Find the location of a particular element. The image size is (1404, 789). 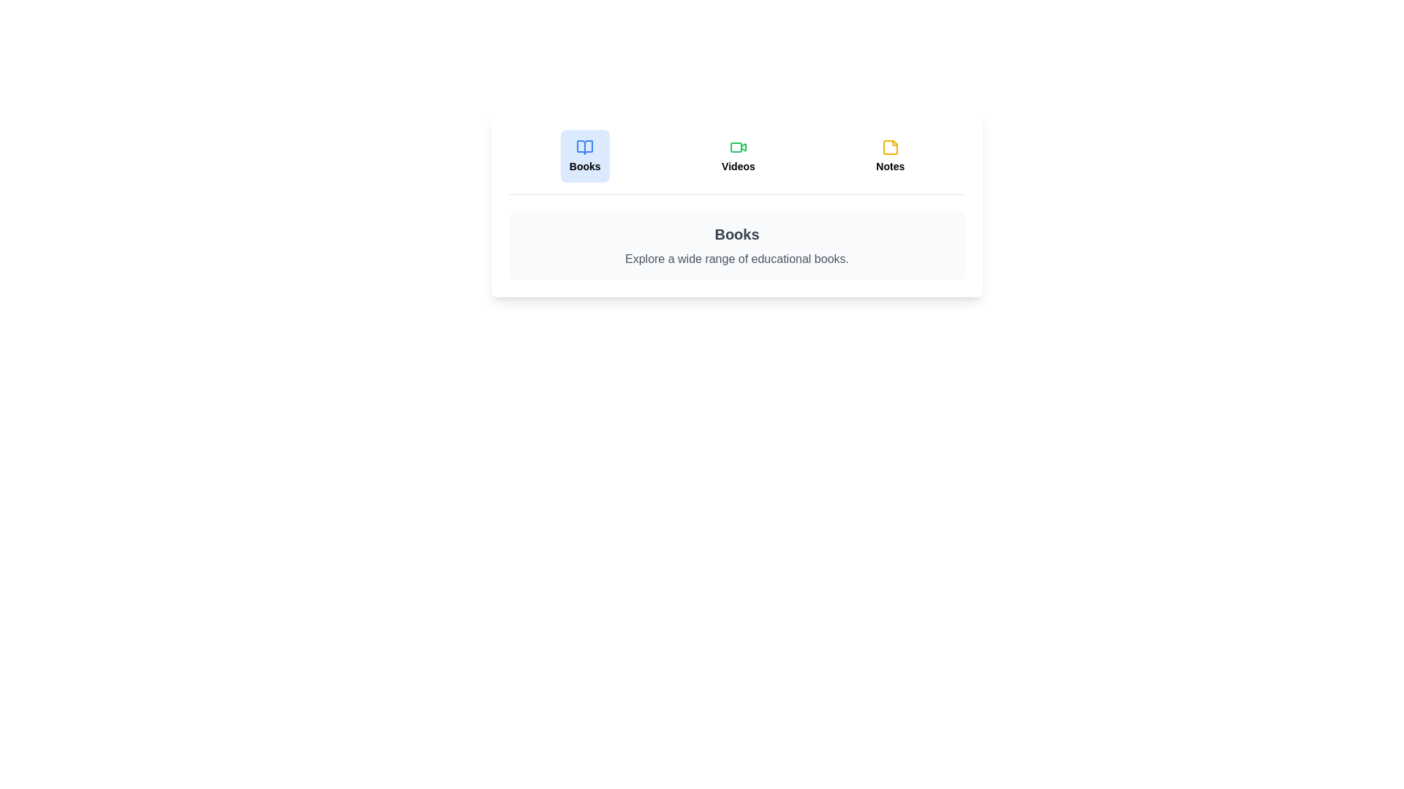

the 'Videos' tab to view its content is located at coordinates (738, 156).